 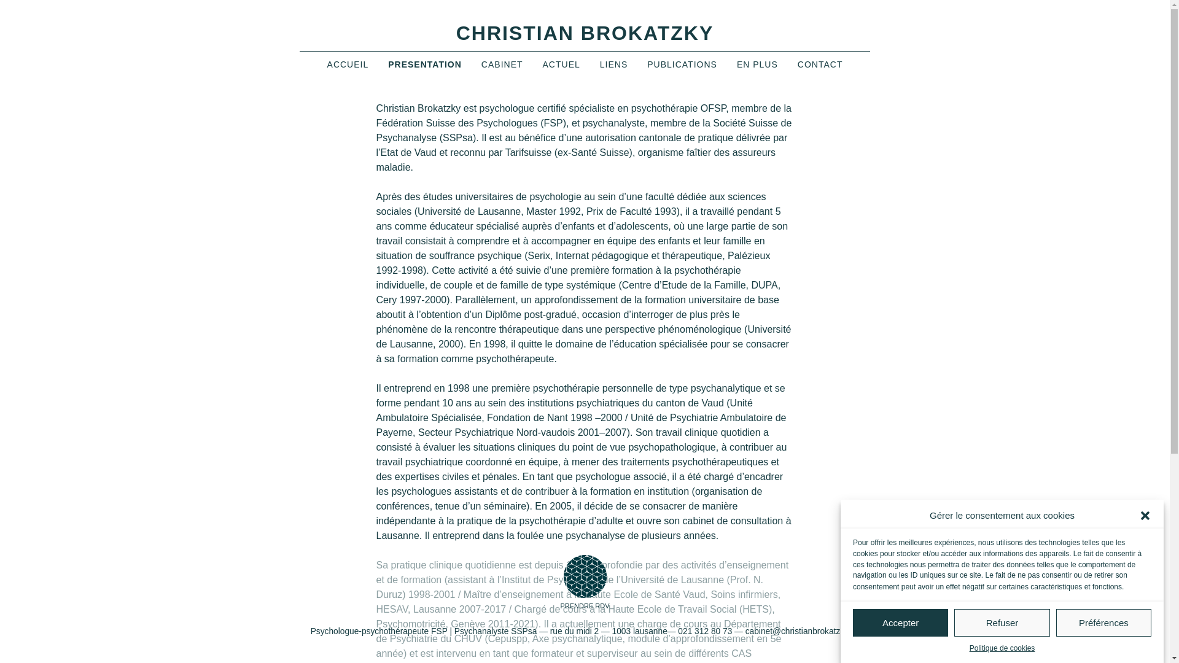 What do you see at coordinates (969, 648) in the screenshot?
I see `'Politique de cookies'` at bounding box center [969, 648].